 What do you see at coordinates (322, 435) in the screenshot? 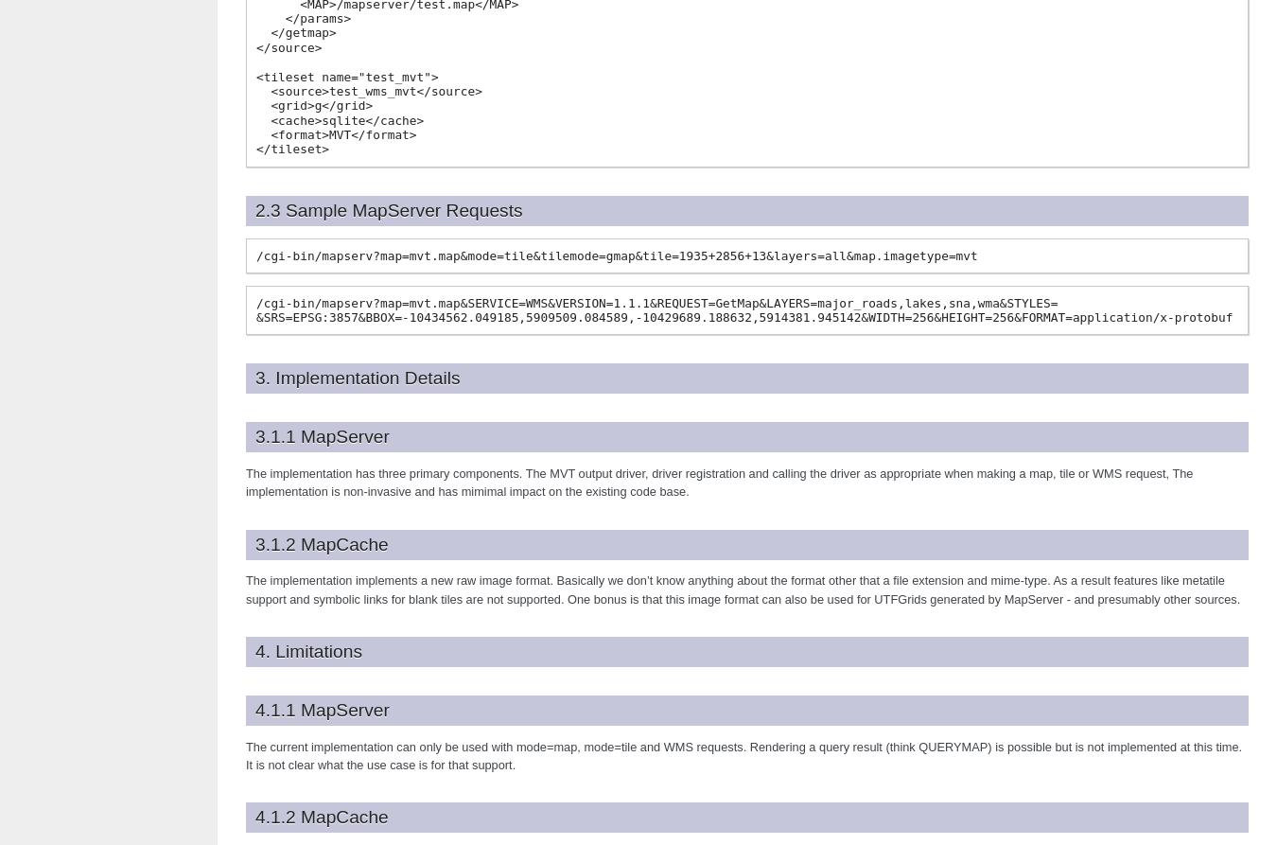
I see `'3.1.1 MapServer'` at bounding box center [322, 435].